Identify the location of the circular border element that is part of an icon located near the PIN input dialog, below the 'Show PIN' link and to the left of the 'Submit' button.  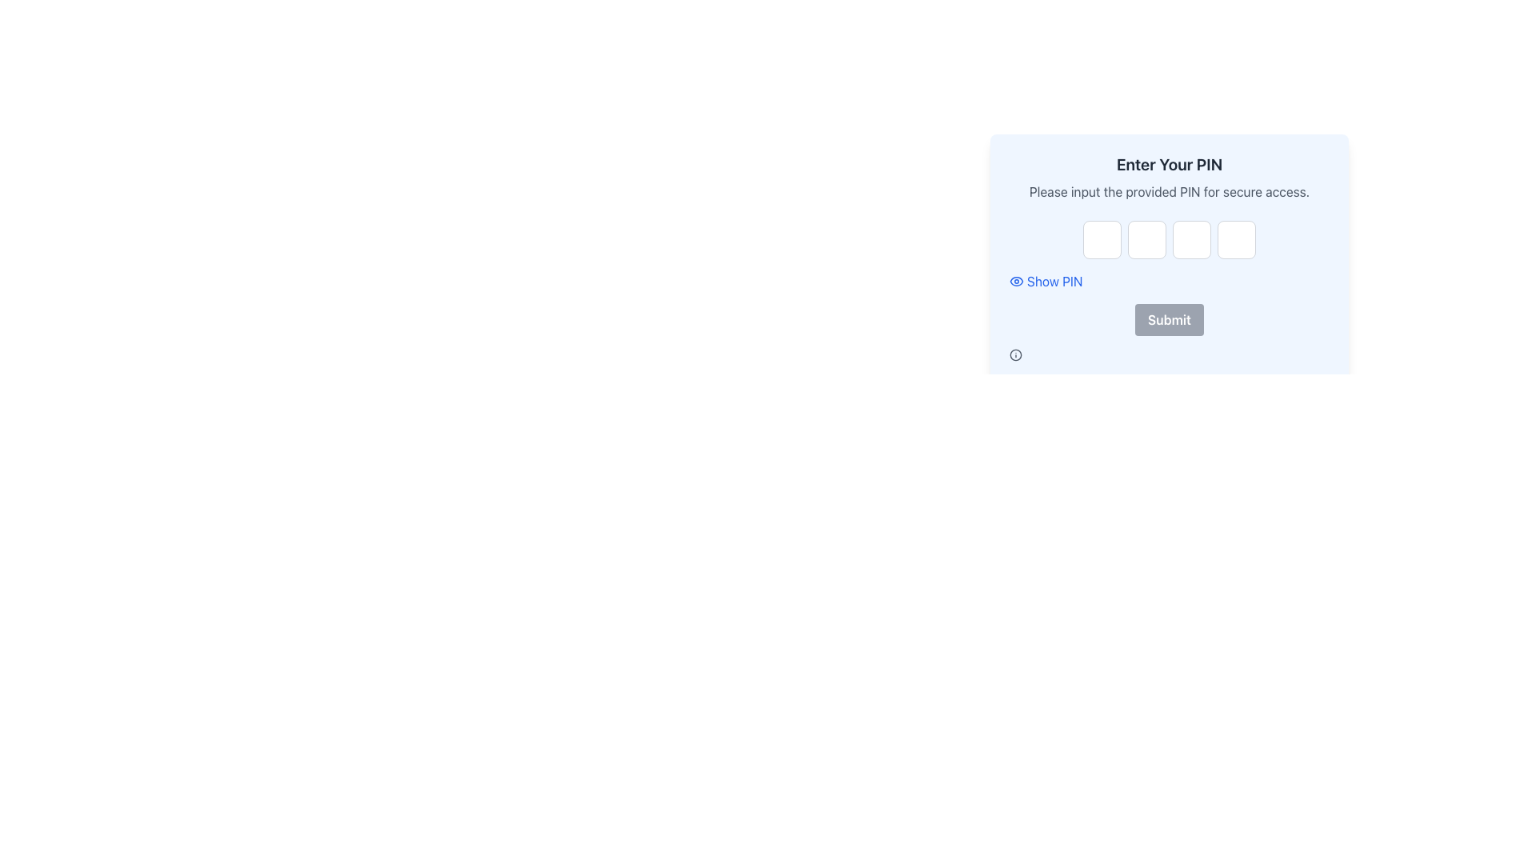
(1015, 354).